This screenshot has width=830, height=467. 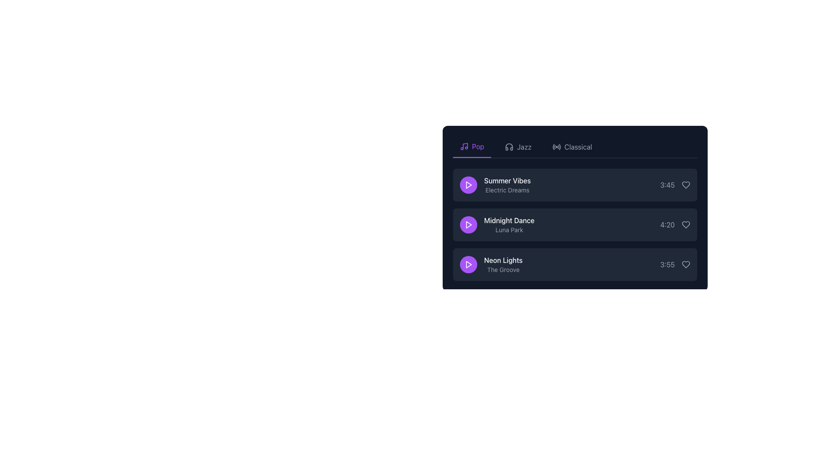 I want to click on the active tab label 'Pop' in the navigation bar, which is visually distinct with a purple underline, indicating its active state, so click(x=478, y=146).